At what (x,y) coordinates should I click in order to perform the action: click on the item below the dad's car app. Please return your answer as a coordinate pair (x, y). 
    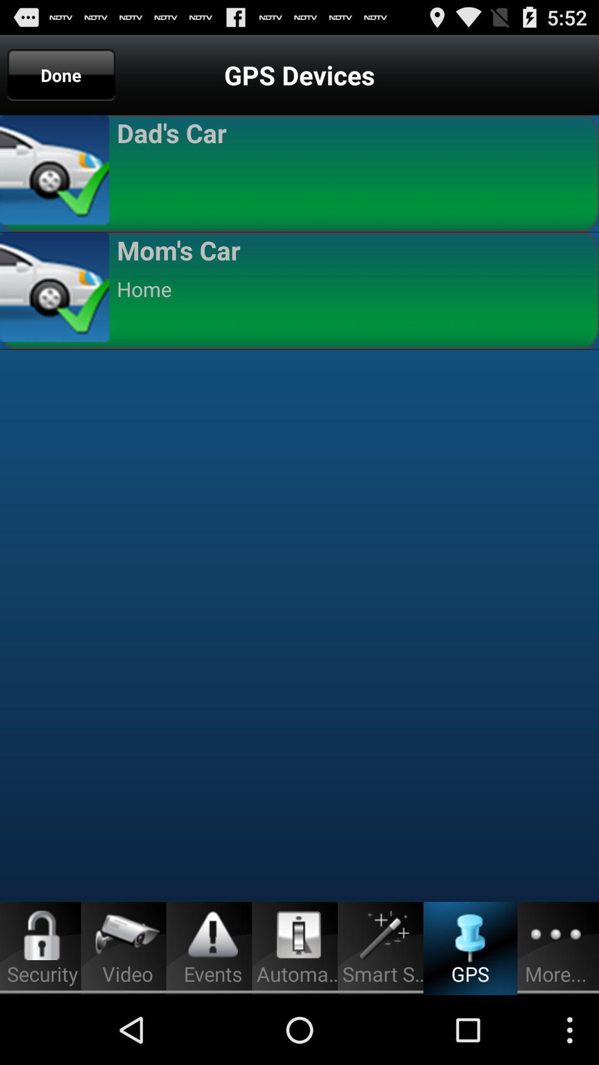
    Looking at the image, I should click on (353, 171).